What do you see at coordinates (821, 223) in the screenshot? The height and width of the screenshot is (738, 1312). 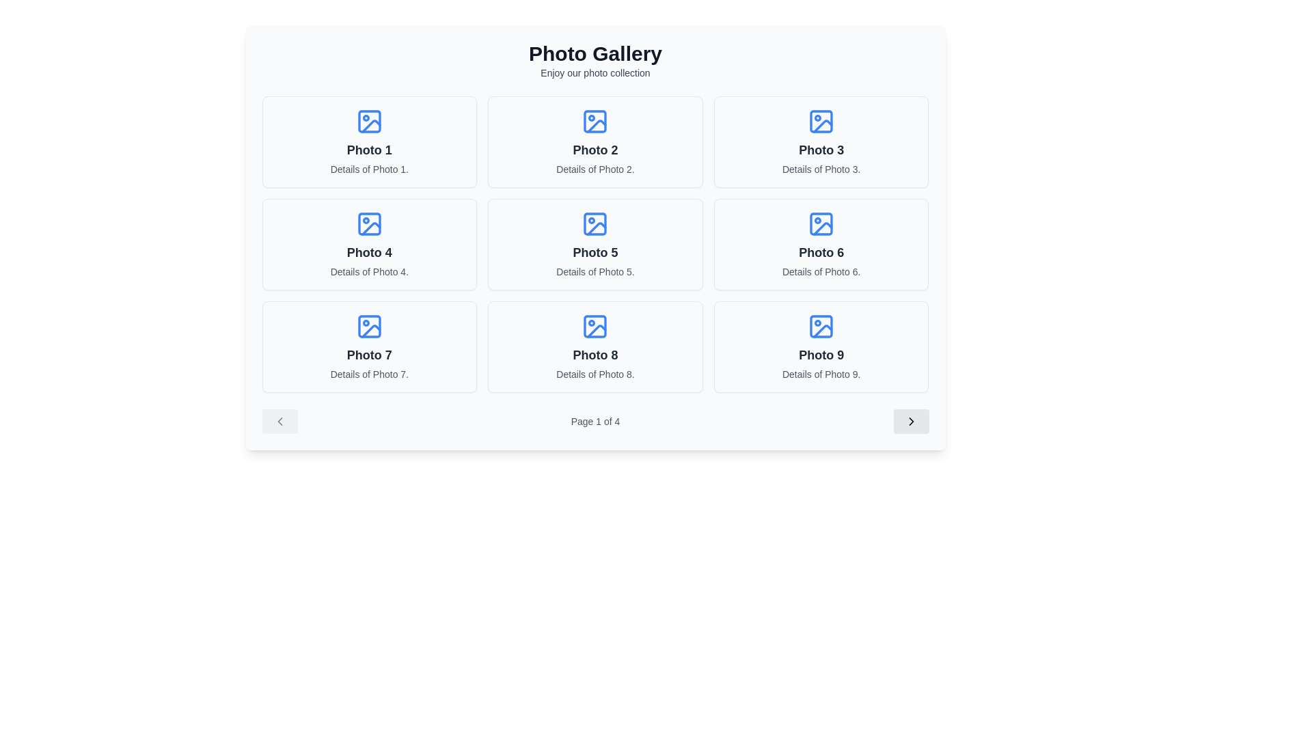 I see `the visual state of the blue image icon located at the top of the 'Photo 6' card in the second row of the photo grid` at bounding box center [821, 223].